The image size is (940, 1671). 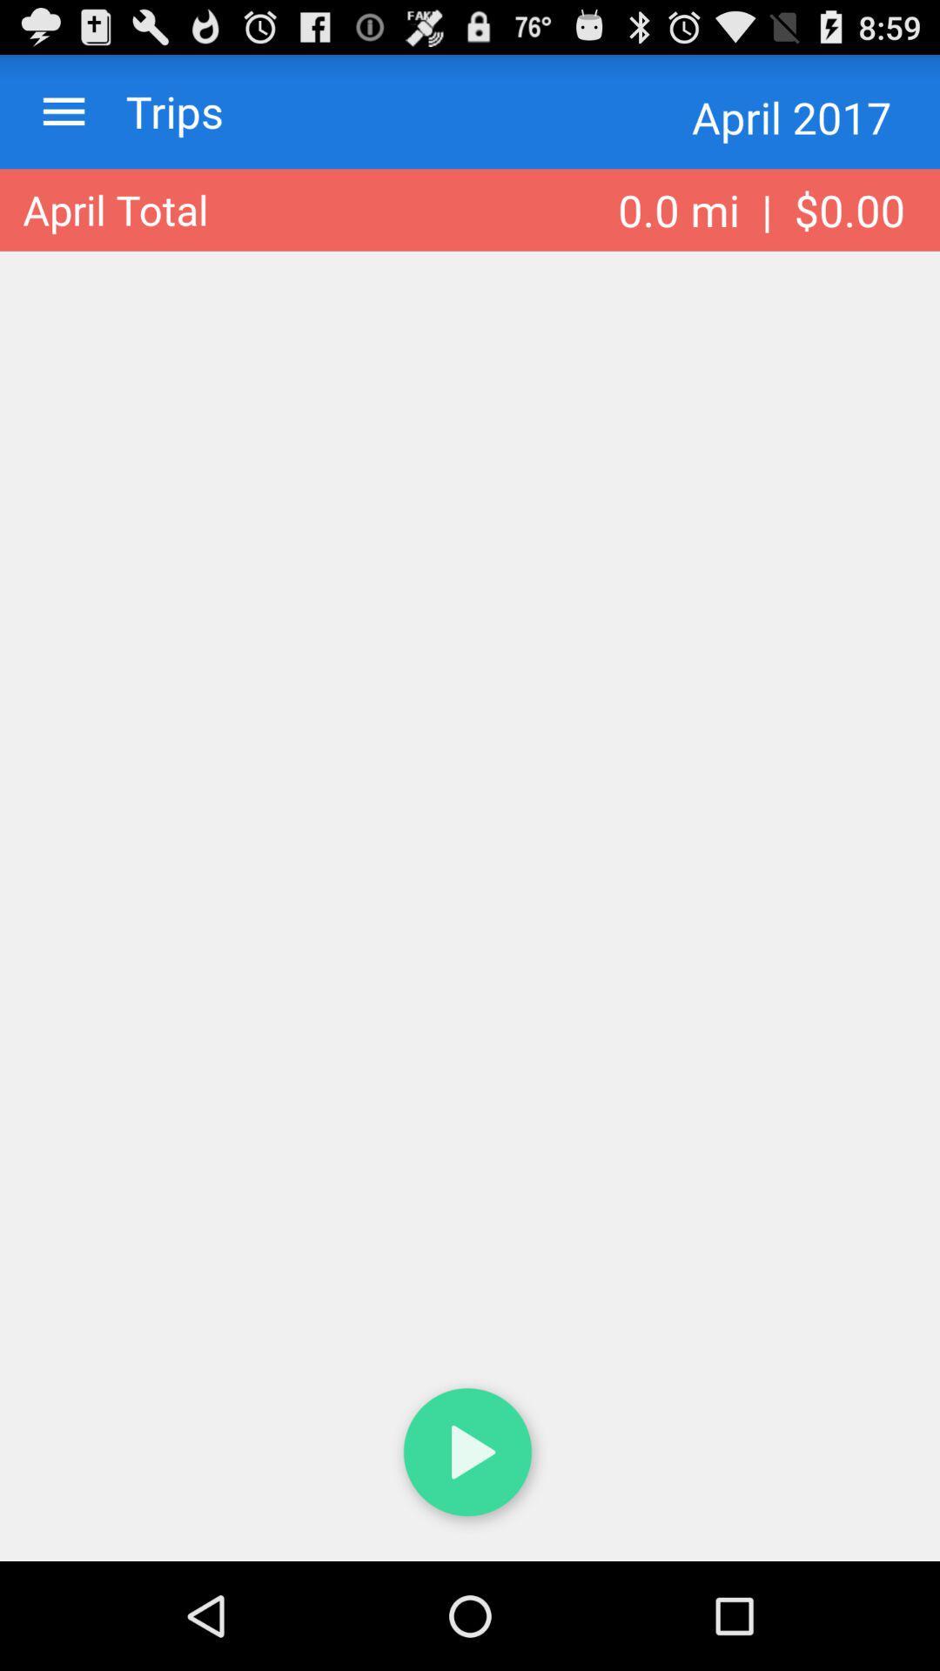 I want to click on the april total, so click(x=115, y=209).